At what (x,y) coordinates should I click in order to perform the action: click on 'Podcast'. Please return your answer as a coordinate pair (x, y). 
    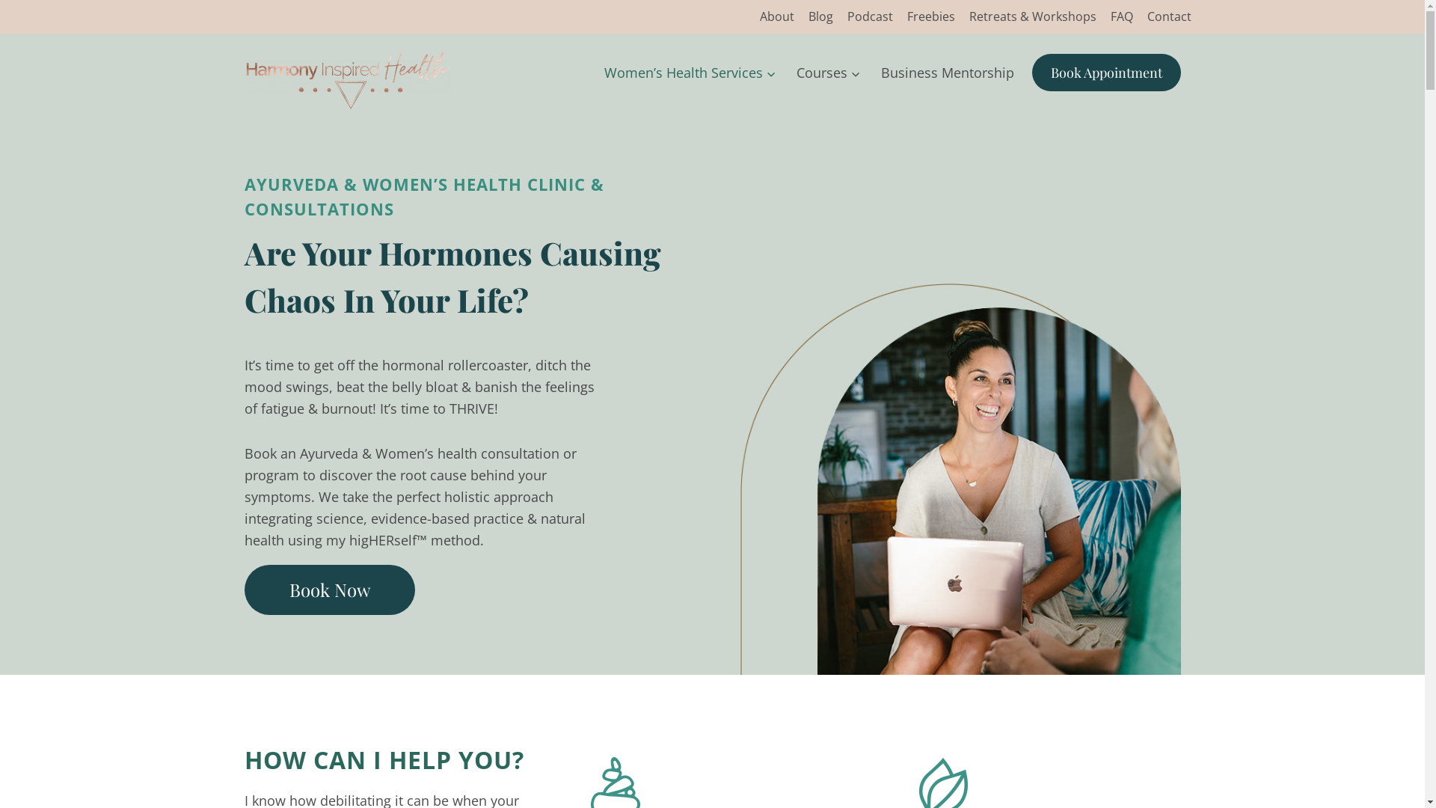
    Looking at the image, I should click on (869, 16).